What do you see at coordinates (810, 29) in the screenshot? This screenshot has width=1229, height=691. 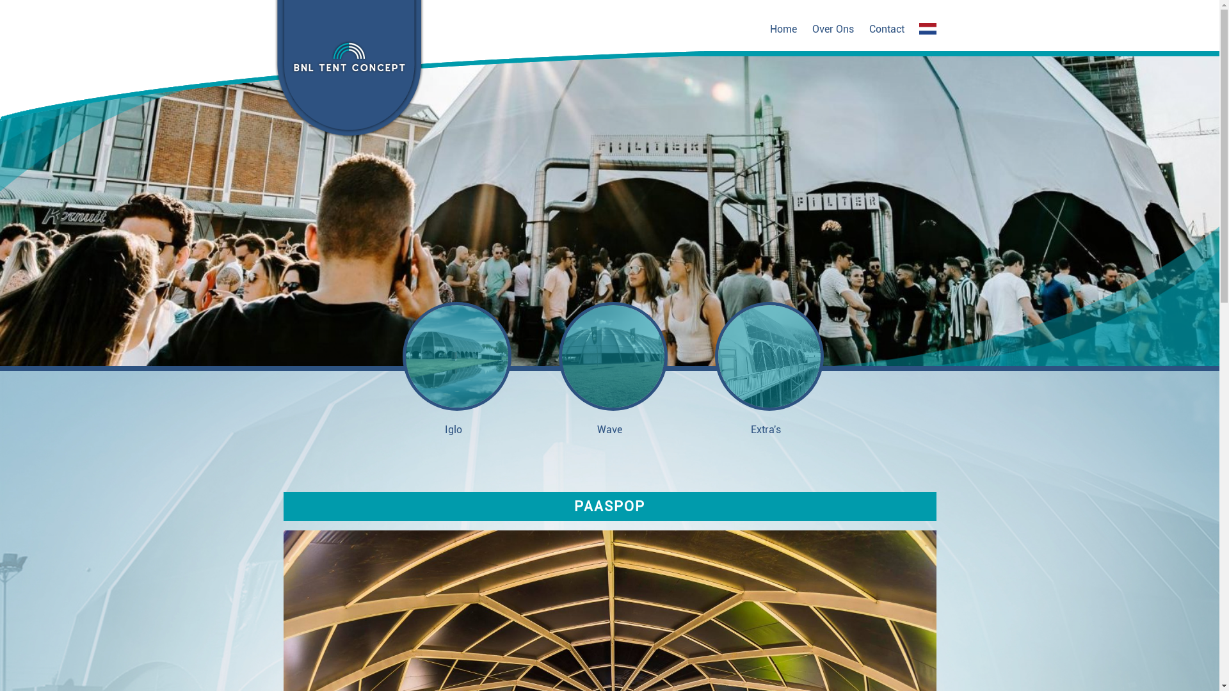 I see `'Over Ons'` at bounding box center [810, 29].